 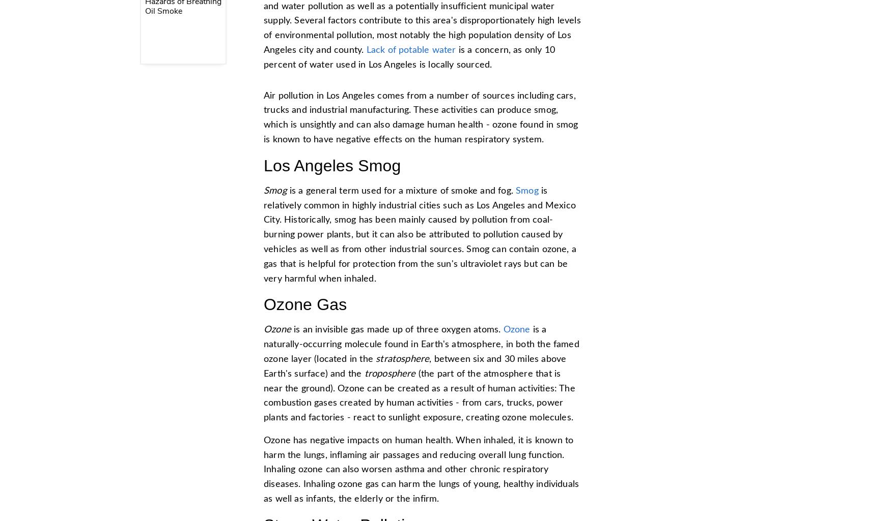 I want to click on 'Ozone Gas', so click(x=263, y=304).